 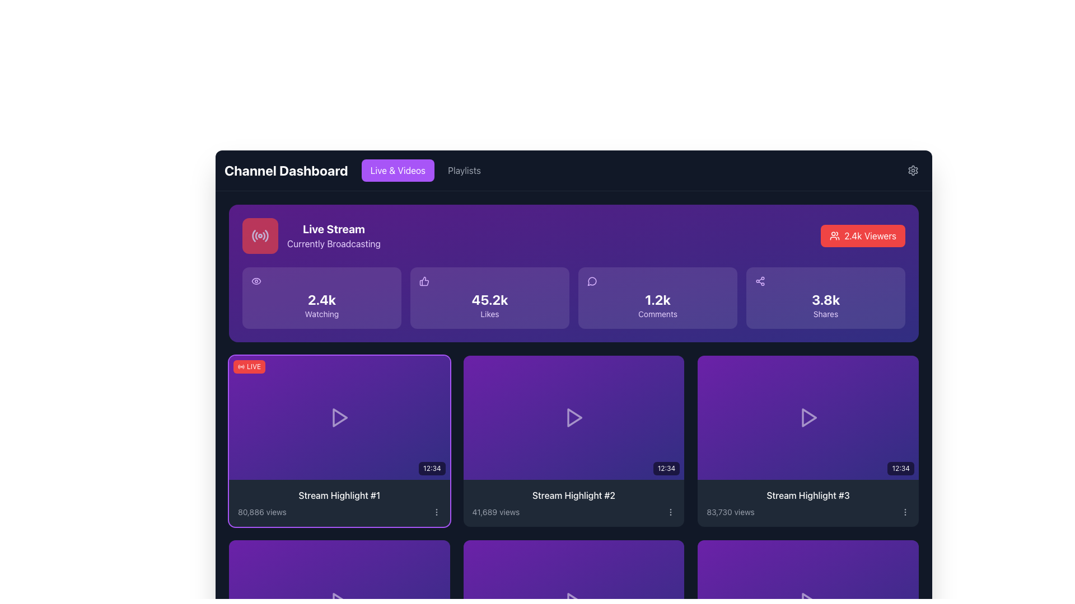 I want to click on the comments icon located in the '1.2k Comments' panel on the dashboard interface, which visually represents the concept of comments or messages, so click(x=591, y=281).